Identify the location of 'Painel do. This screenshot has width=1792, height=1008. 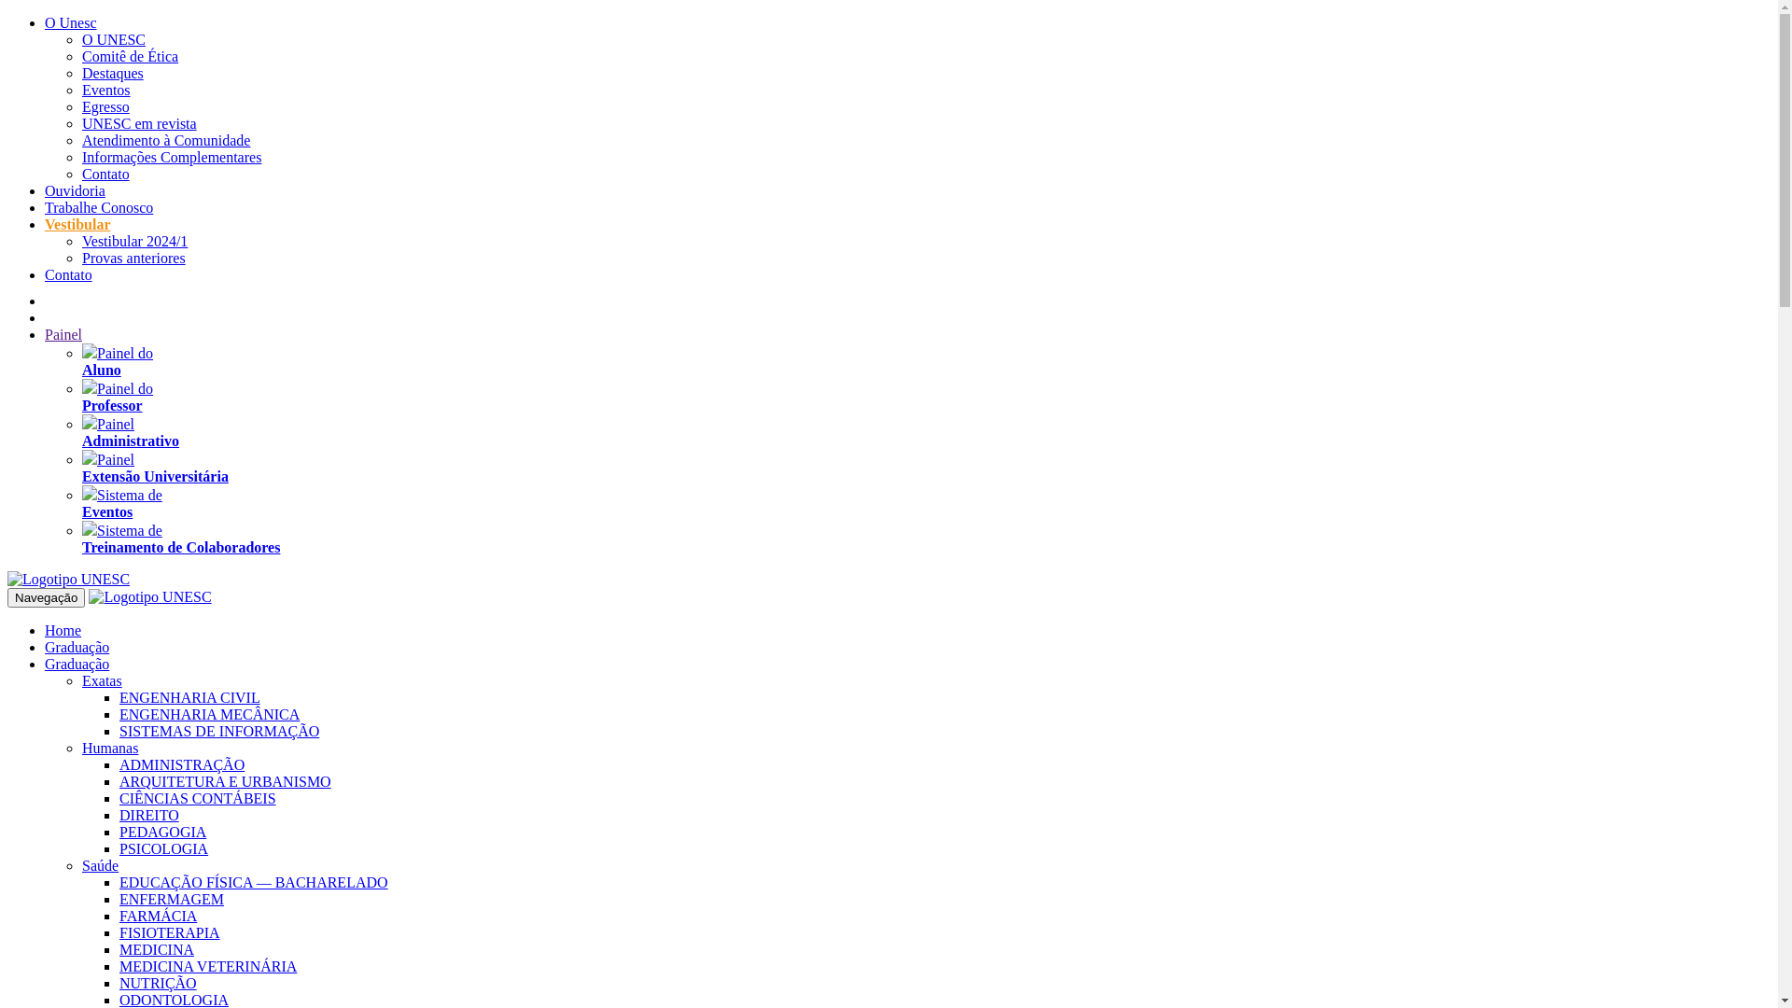
(116, 361).